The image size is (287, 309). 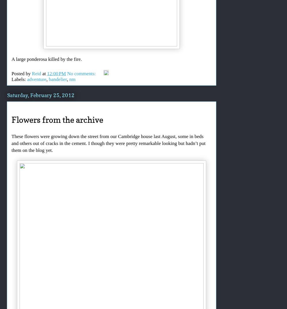 What do you see at coordinates (21, 73) in the screenshot?
I see `'Posted by'` at bounding box center [21, 73].